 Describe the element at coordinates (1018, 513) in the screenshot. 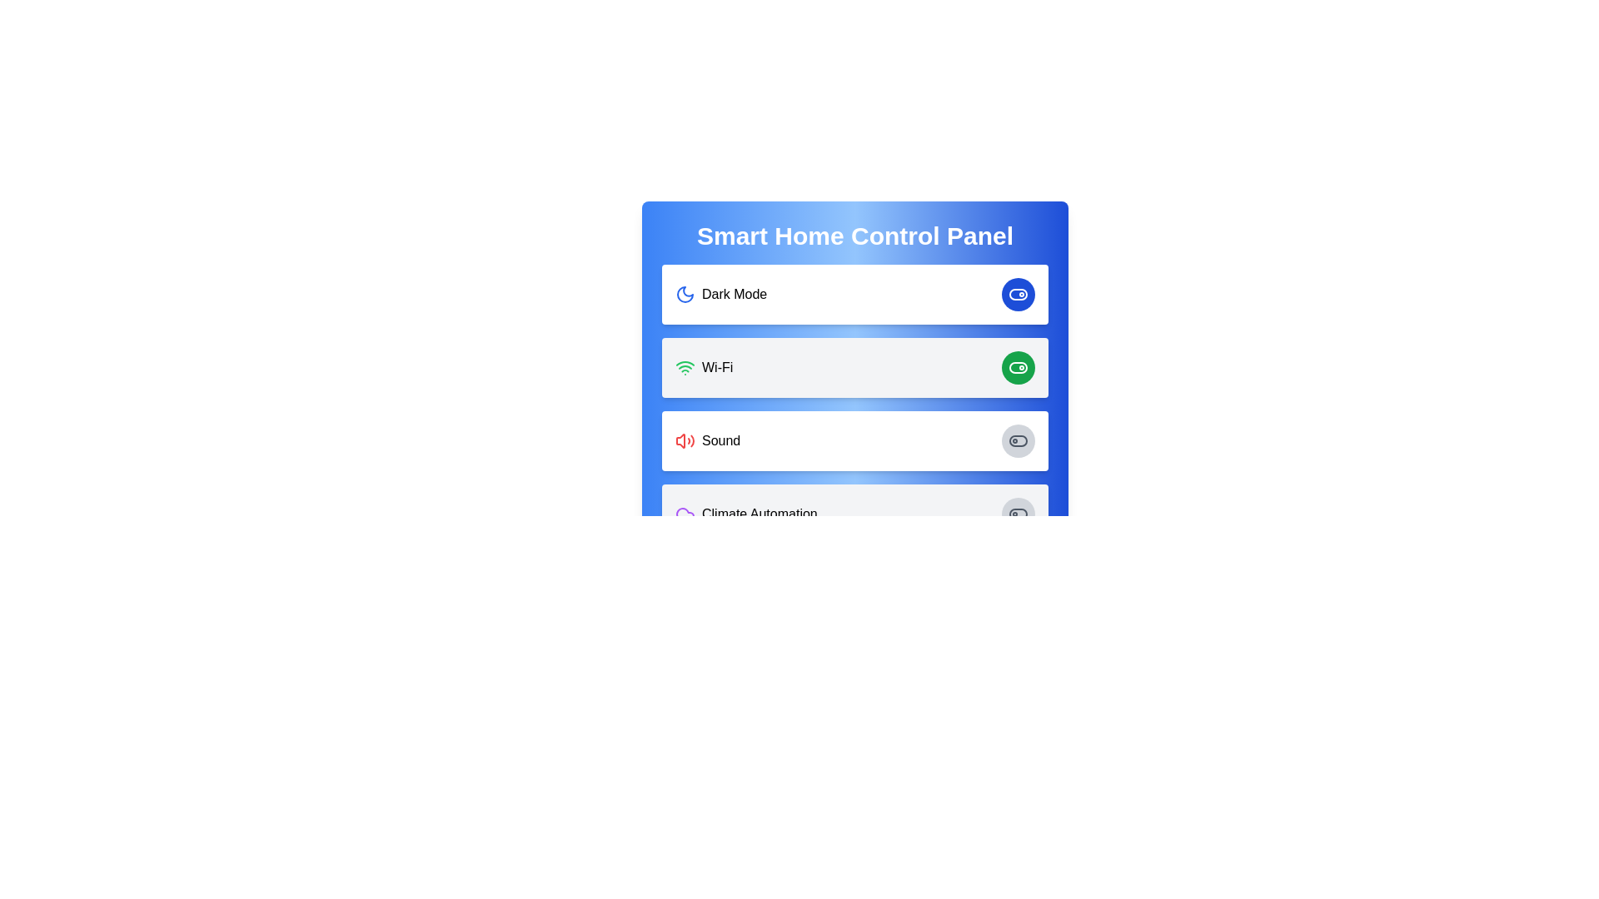

I see `the toggle switch located to the far right in the row labeled 'Climate Automation' to change its state` at that location.